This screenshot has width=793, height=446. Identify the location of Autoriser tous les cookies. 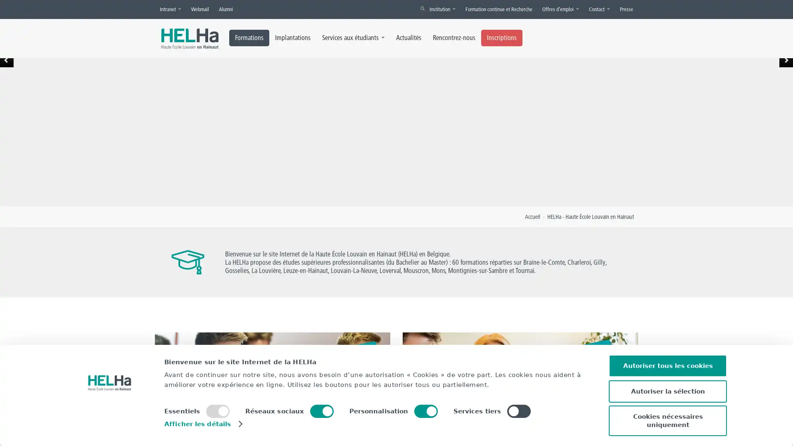
(668, 365).